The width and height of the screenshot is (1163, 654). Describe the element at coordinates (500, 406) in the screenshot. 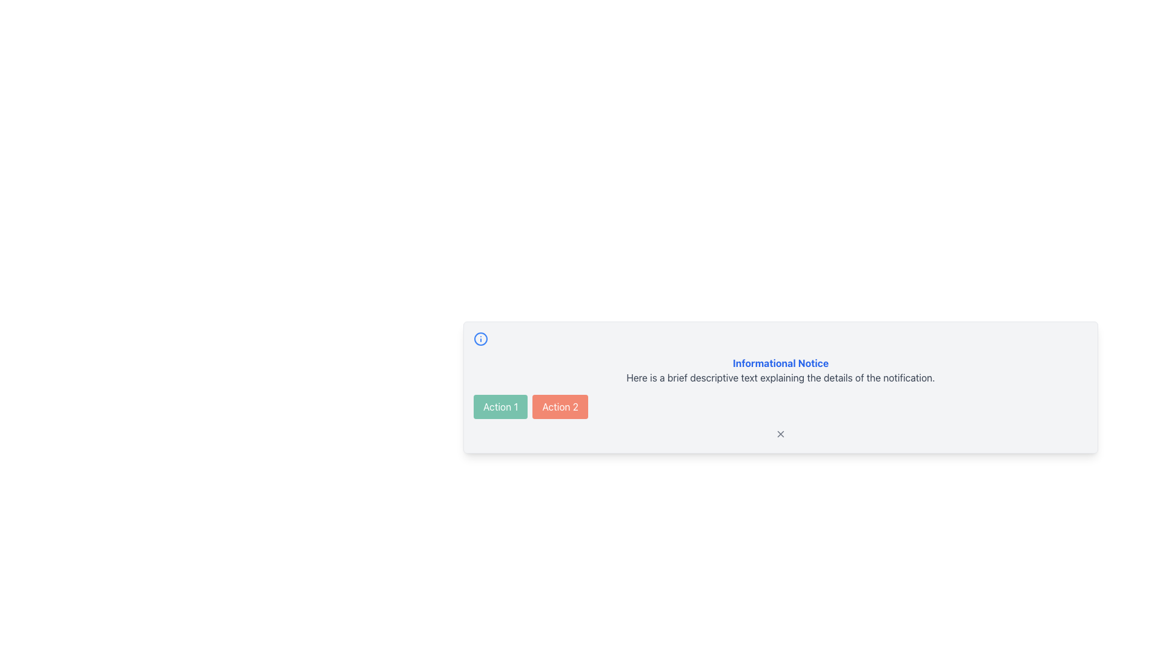

I see `the green button labeled 'Action 1'` at that location.